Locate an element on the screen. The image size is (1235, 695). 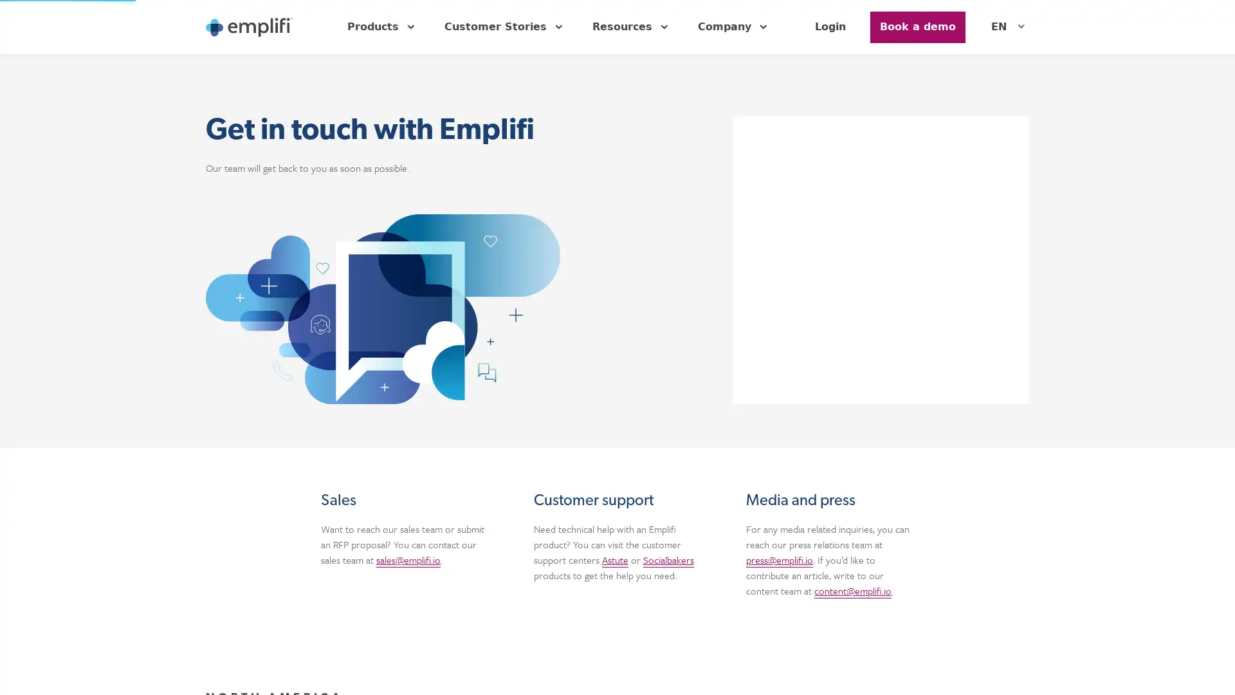
EN is located at coordinates (1009, 27).